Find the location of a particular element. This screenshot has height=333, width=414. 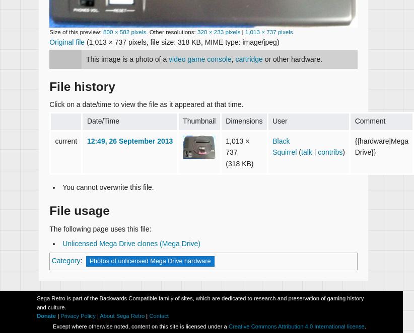

'Click on a date/time to view the file as it appeared at that time.' is located at coordinates (146, 103).